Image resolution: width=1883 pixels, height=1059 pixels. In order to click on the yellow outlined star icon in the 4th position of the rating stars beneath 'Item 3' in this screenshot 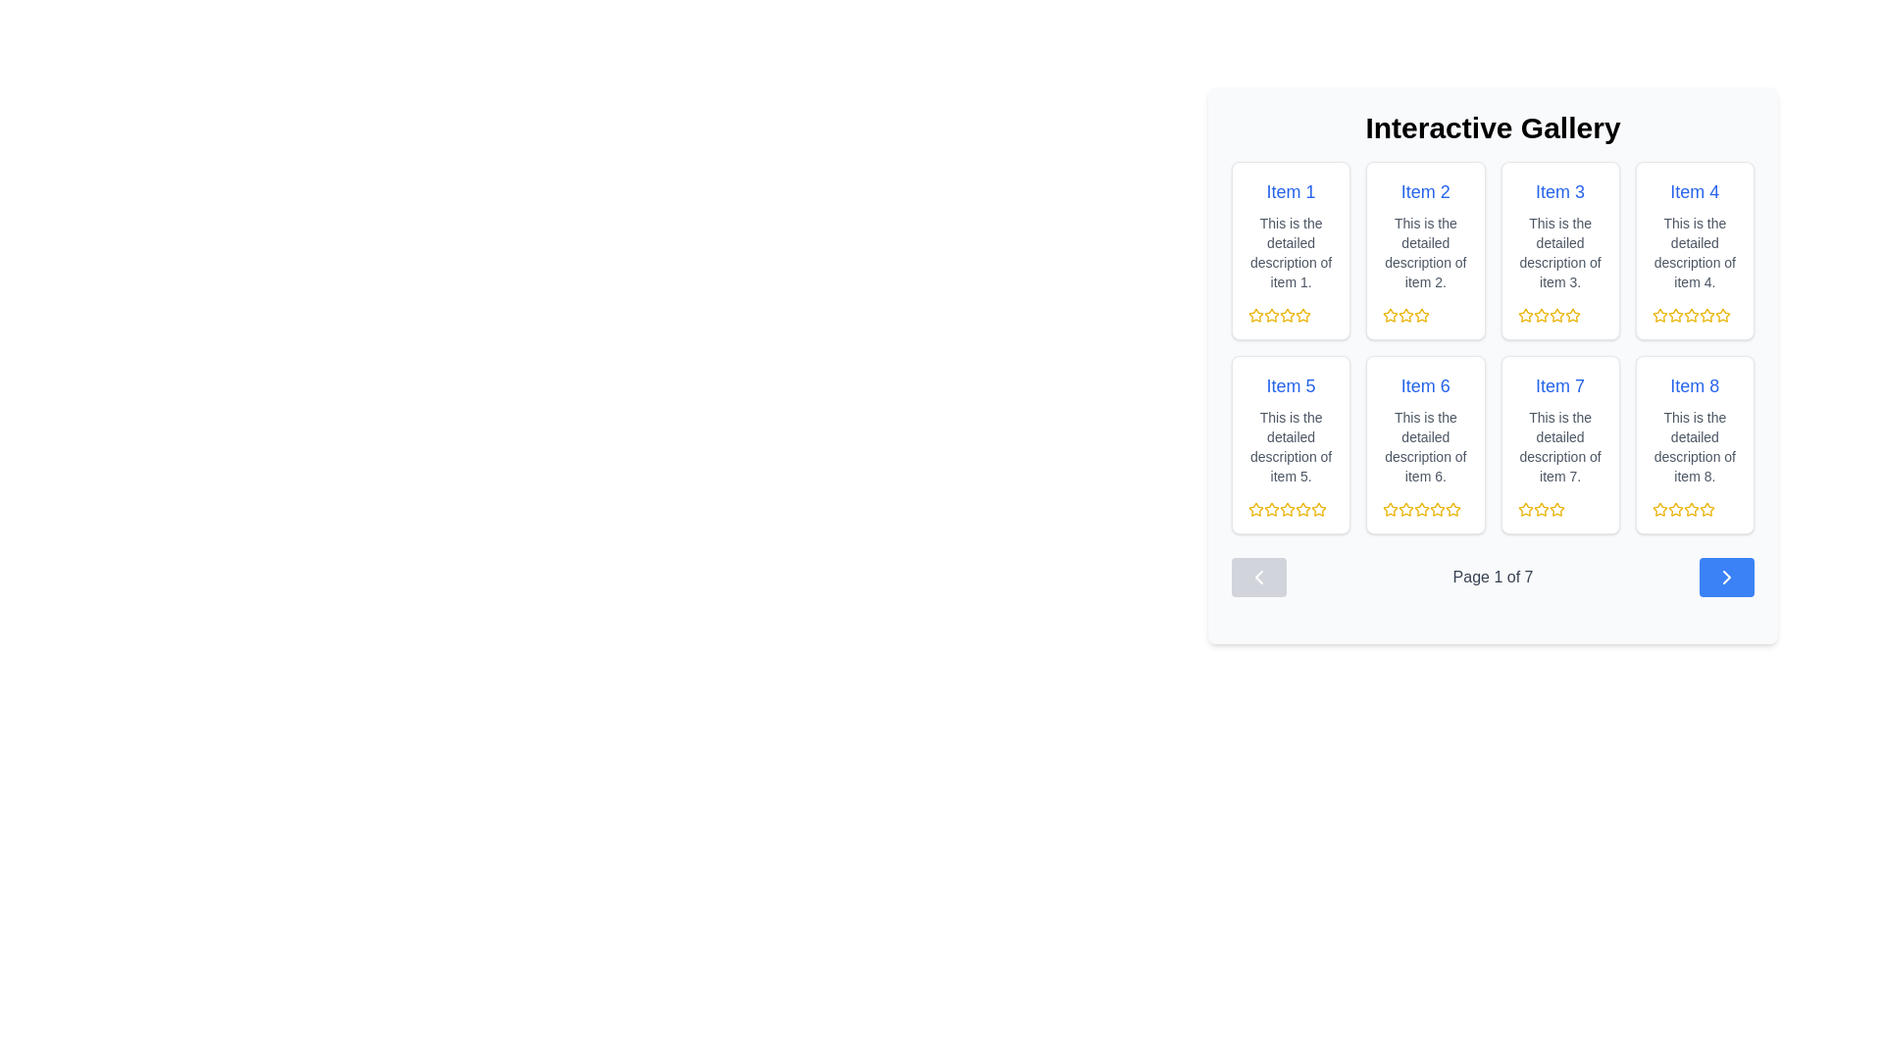, I will do `click(1555, 314)`.